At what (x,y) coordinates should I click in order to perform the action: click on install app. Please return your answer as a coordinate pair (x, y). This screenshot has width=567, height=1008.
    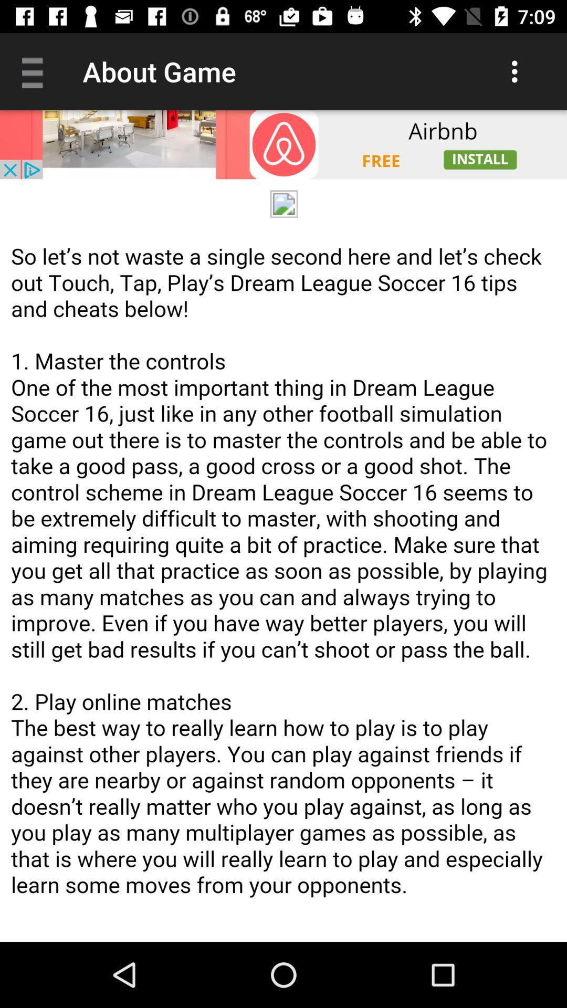
    Looking at the image, I should click on (283, 144).